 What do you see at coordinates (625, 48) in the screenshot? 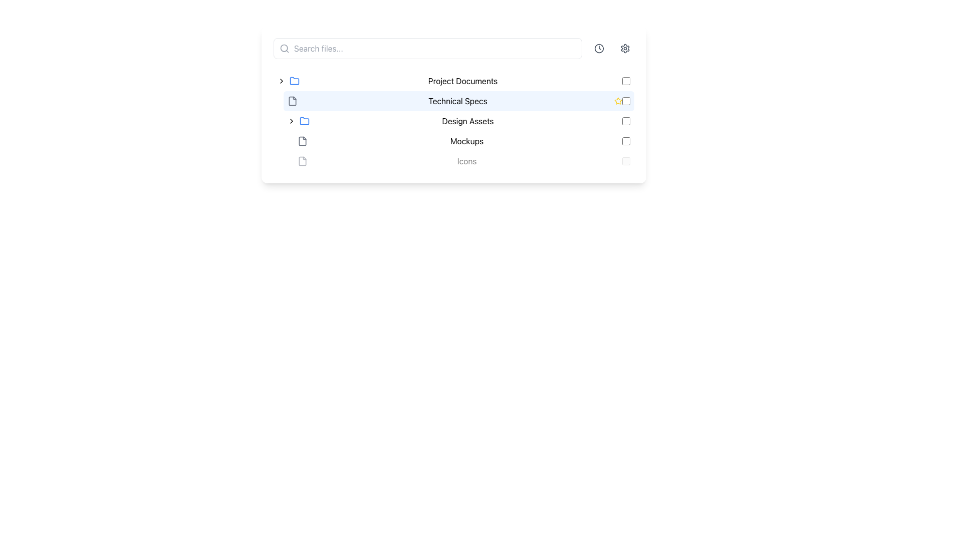
I see `the cogwheel-shaped settings button located at the far-right end of the header section` at bounding box center [625, 48].